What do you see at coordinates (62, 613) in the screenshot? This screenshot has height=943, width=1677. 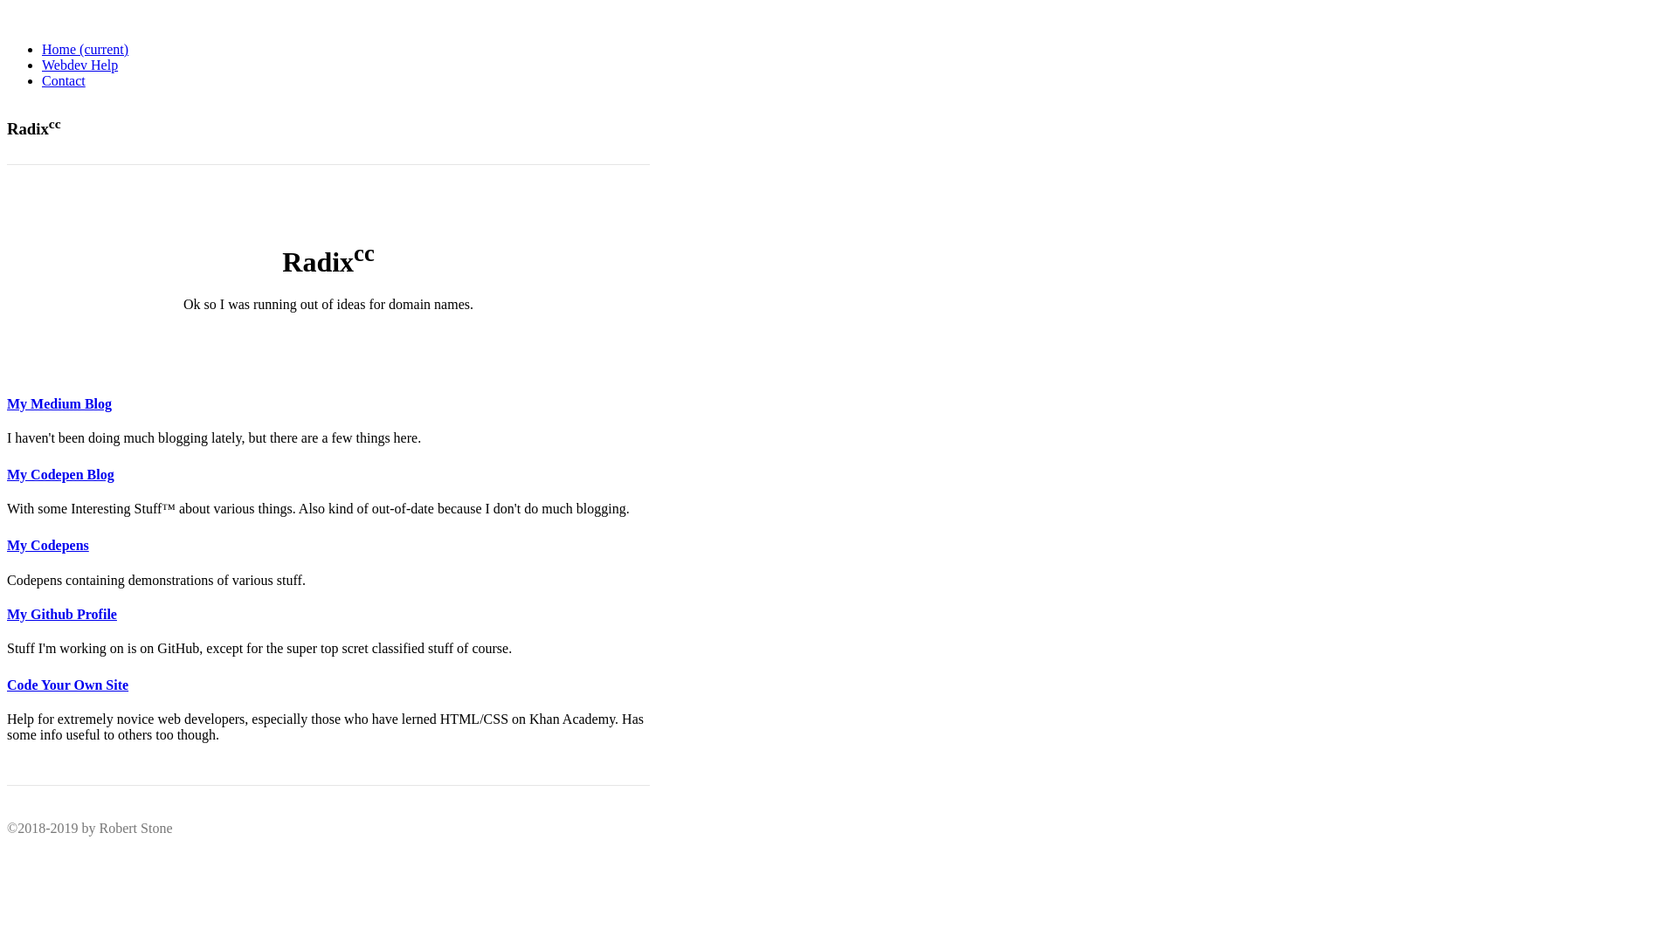 I see `'My Github Profile'` at bounding box center [62, 613].